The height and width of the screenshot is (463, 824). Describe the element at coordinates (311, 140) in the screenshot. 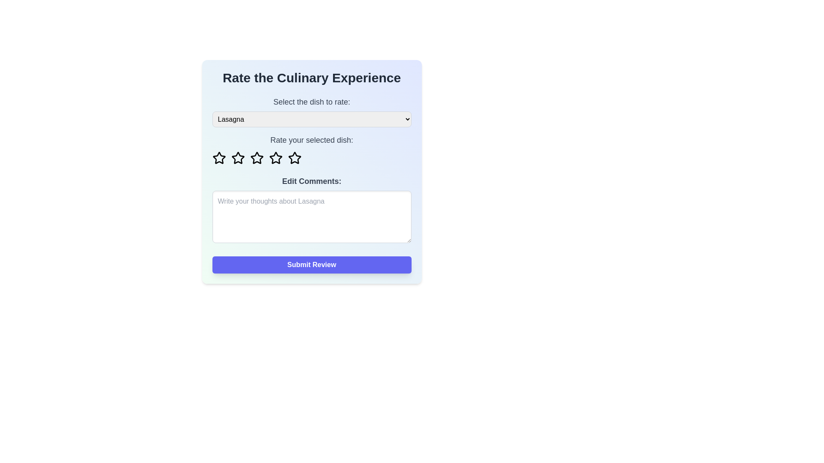

I see `the text label displaying 'Rate your selected dish:' which is styled in a large, legible gray font and is positioned above the rating star icons` at that location.